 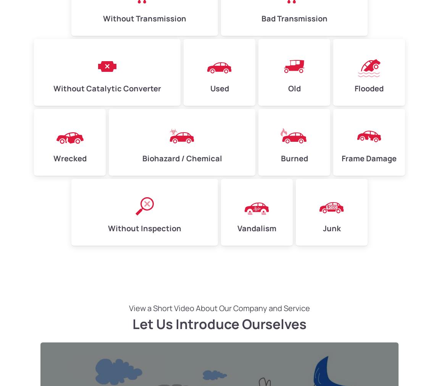 What do you see at coordinates (369, 158) in the screenshot?
I see `'Frame Damage'` at bounding box center [369, 158].